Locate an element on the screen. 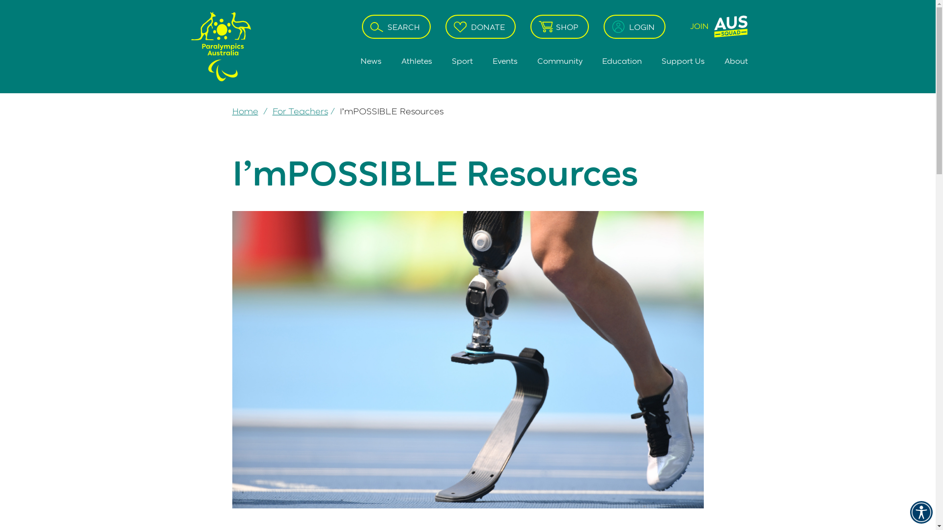 Image resolution: width=943 pixels, height=530 pixels. 'SHOP' is located at coordinates (559, 26).